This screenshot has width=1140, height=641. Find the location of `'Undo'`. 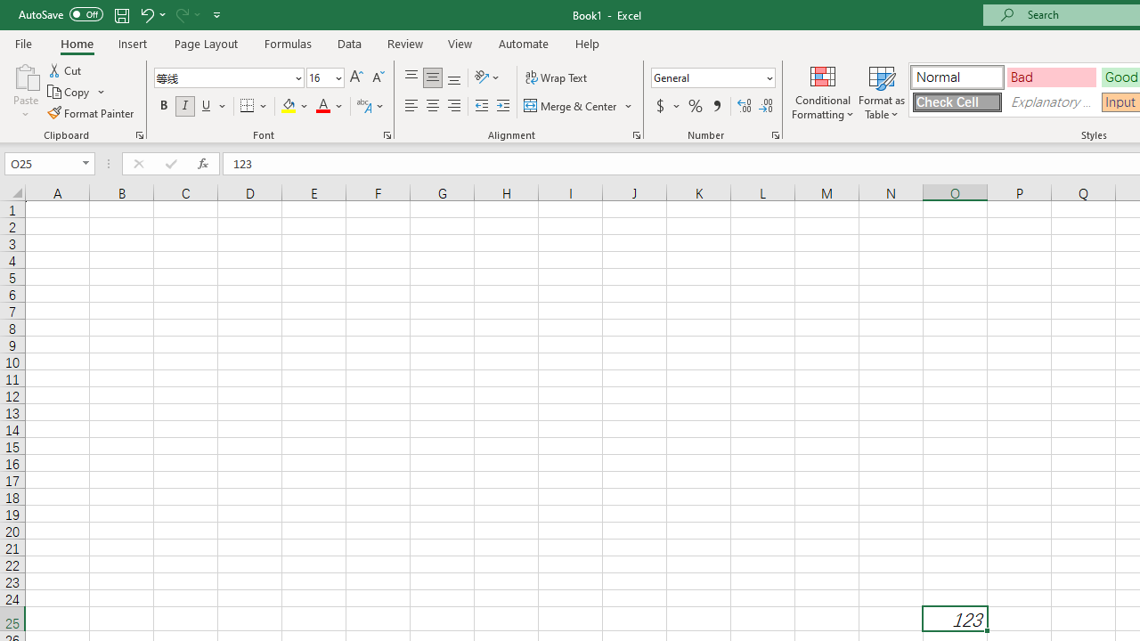

'Undo' is located at coordinates (146, 14).